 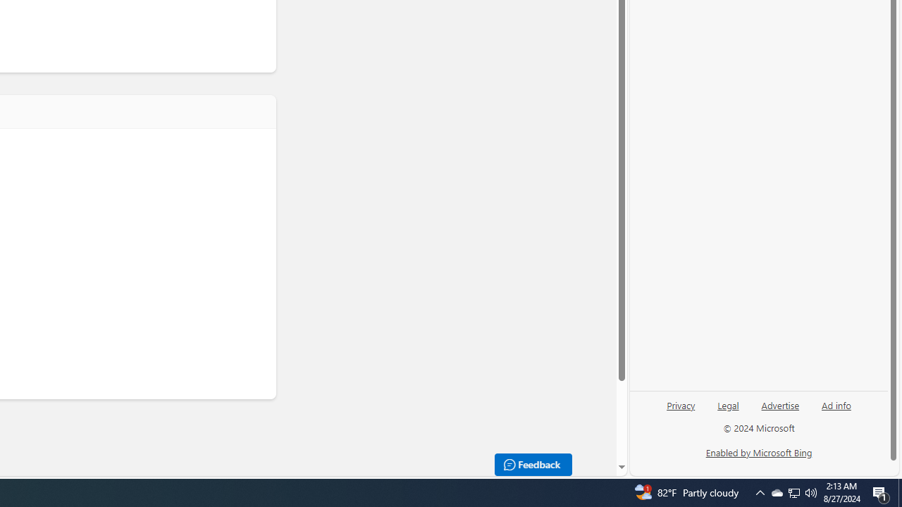 I want to click on 'Advertise', so click(x=779, y=411).